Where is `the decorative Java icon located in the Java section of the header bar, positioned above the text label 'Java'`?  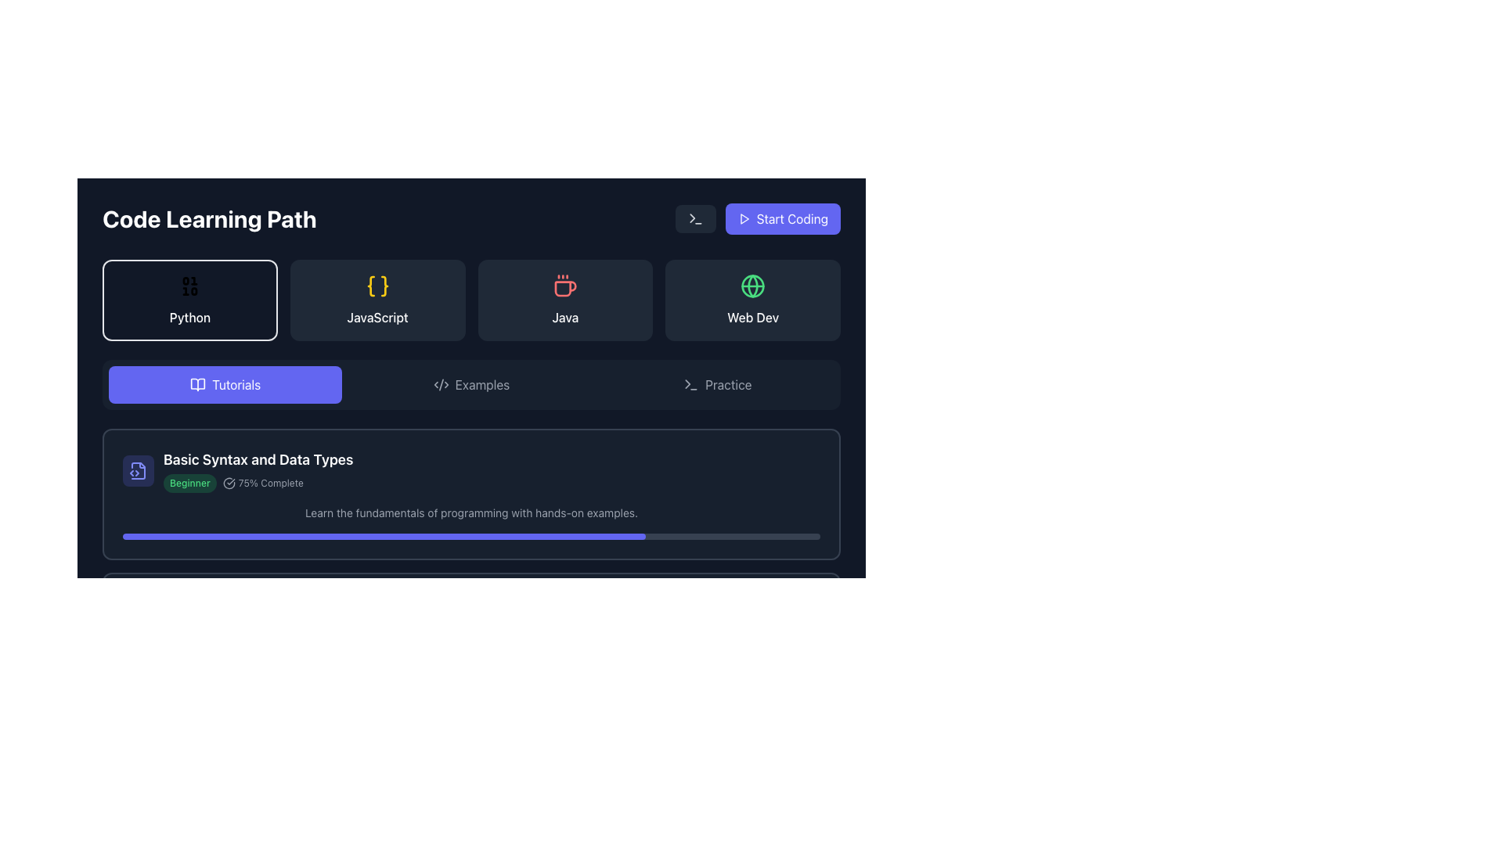
the decorative Java icon located in the Java section of the header bar, positioned above the text label 'Java' is located at coordinates (564, 286).